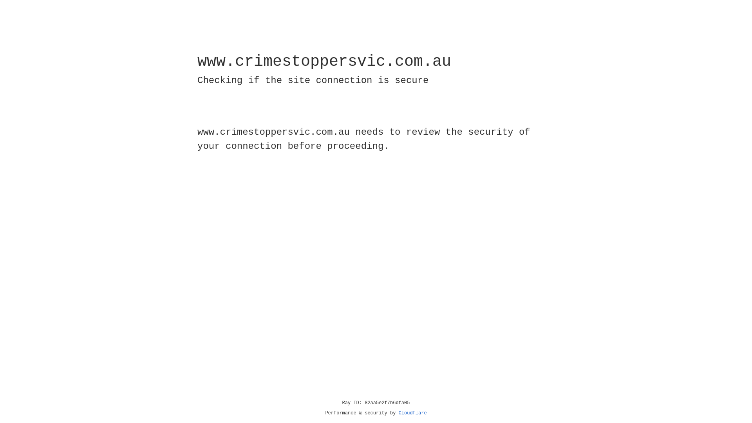 The width and height of the screenshot is (752, 423). What do you see at coordinates (412, 413) in the screenshot?
I see `'Cloudflare'` at bounding box center [412, 413].